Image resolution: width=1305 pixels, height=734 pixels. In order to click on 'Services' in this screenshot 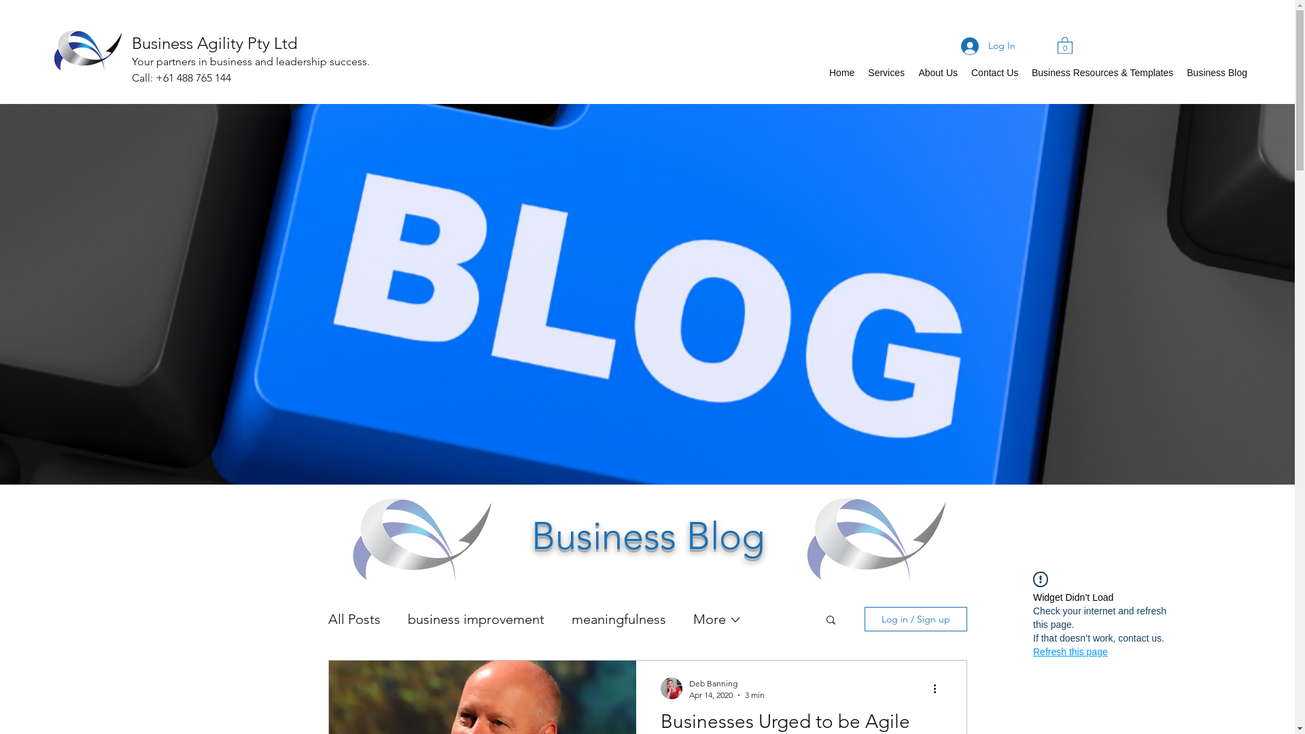, I will do `click(886, 73)`.